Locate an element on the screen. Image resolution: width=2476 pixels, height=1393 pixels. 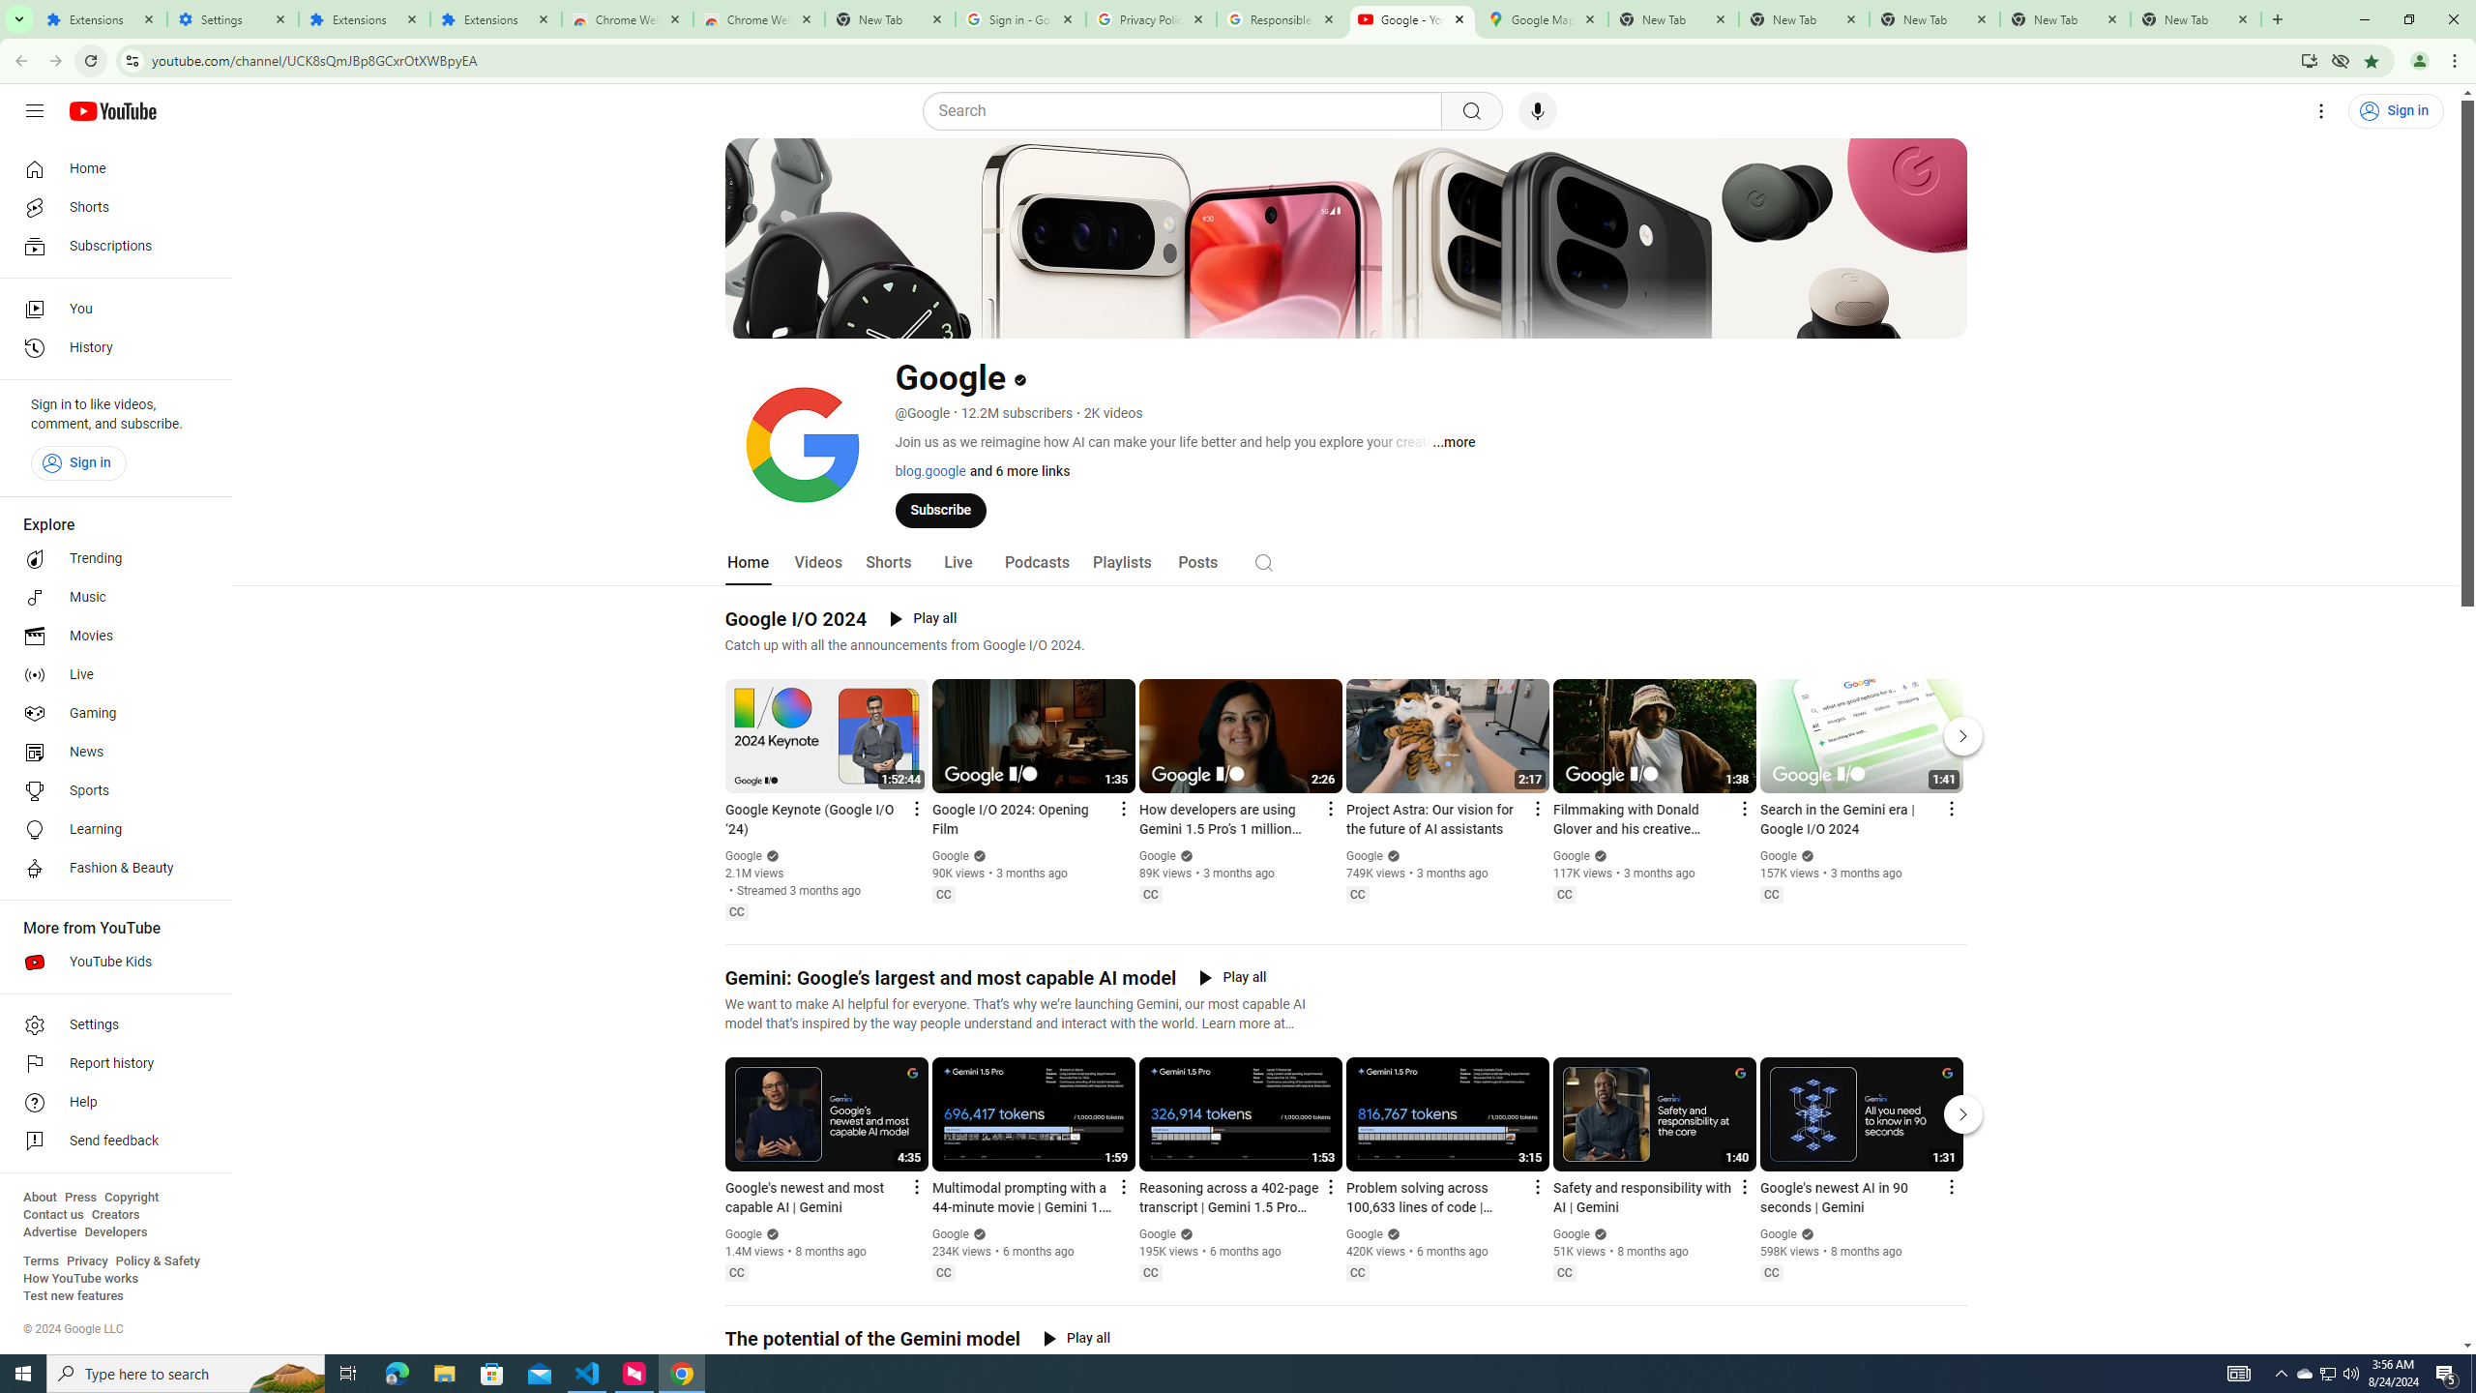
'Developers' is located at coordinates (115, 1230).